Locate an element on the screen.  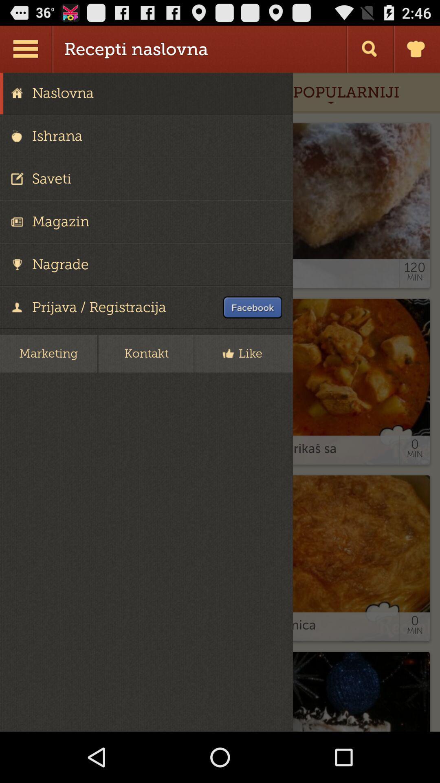
display options is located at coordinates (26, 49).